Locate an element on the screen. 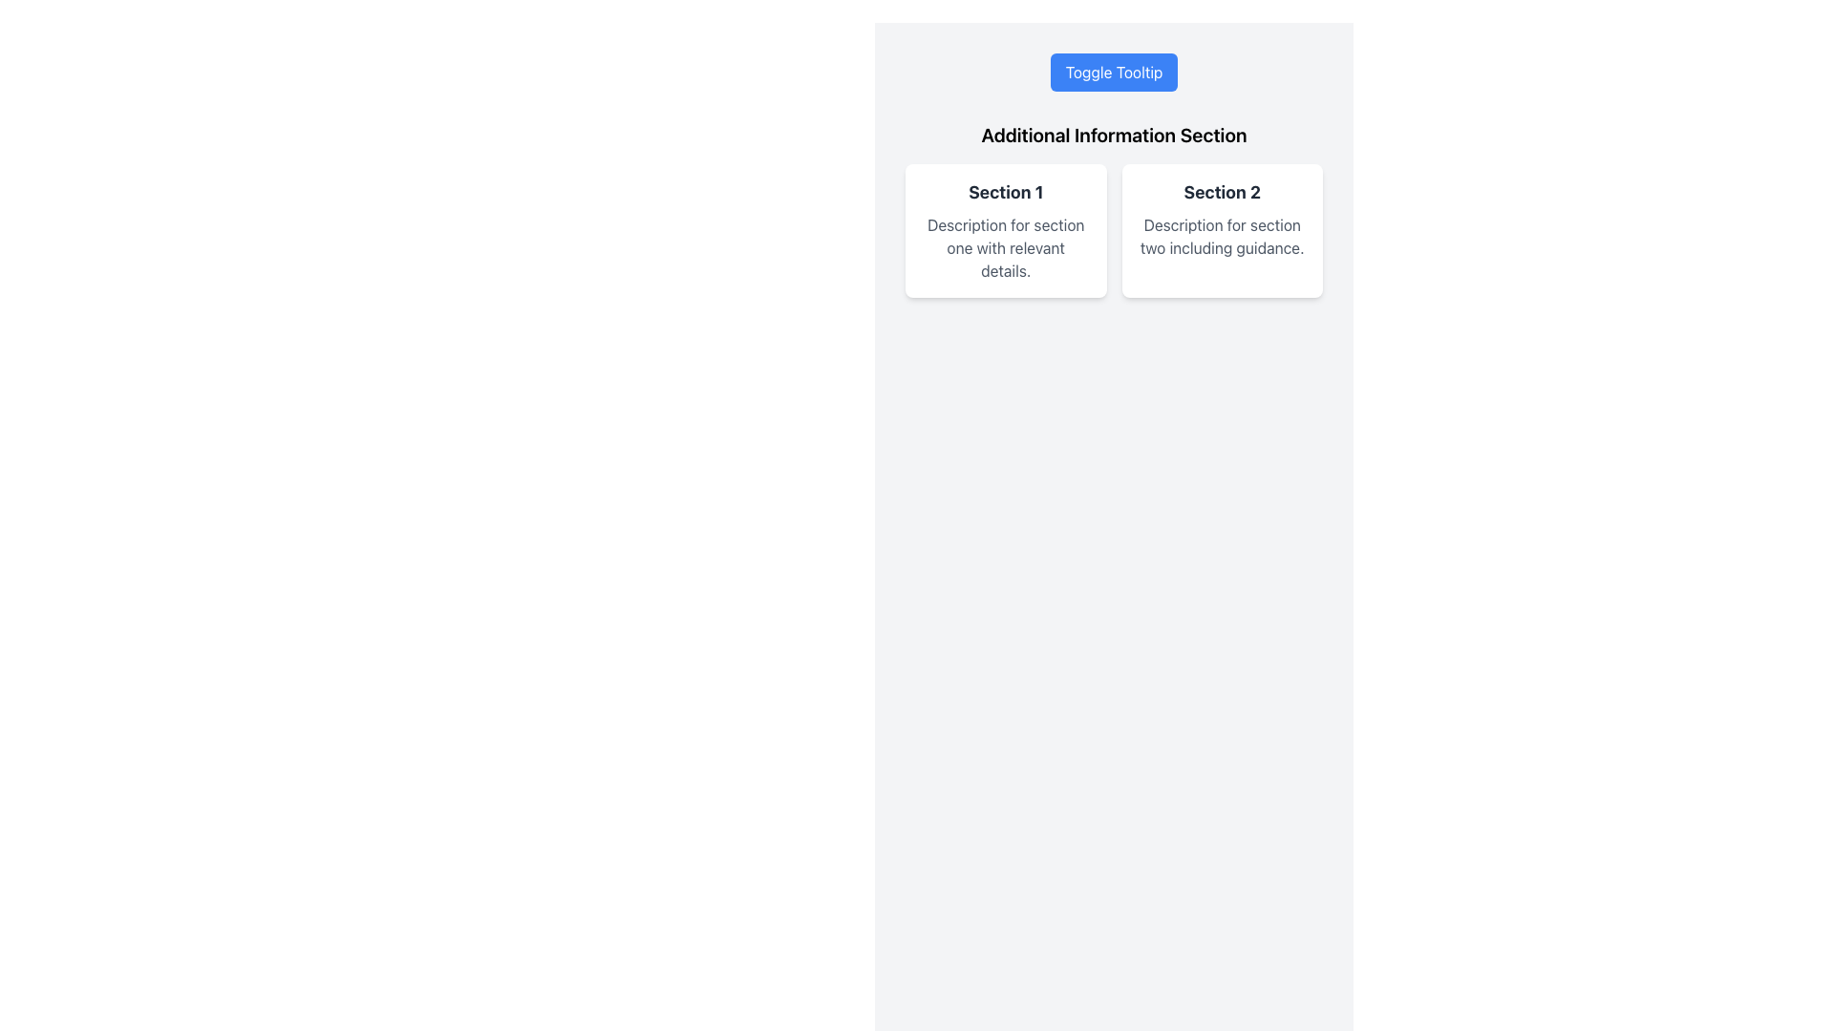 This screenshot has height=1031, width=1834. the bold text label reading 'Section 1' styled in dark gray, which is positioned at the top of a card-like section on the left side of a two-column layout, beneath 'Additional Information Section' is located at coordinates (1005, 192).